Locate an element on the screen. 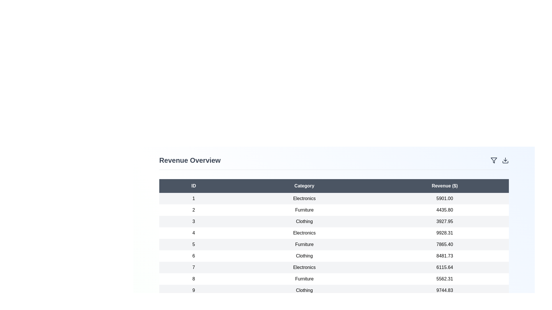  the table header 'Revenue ($)' to sort the data is located at coordinates (444, 186).